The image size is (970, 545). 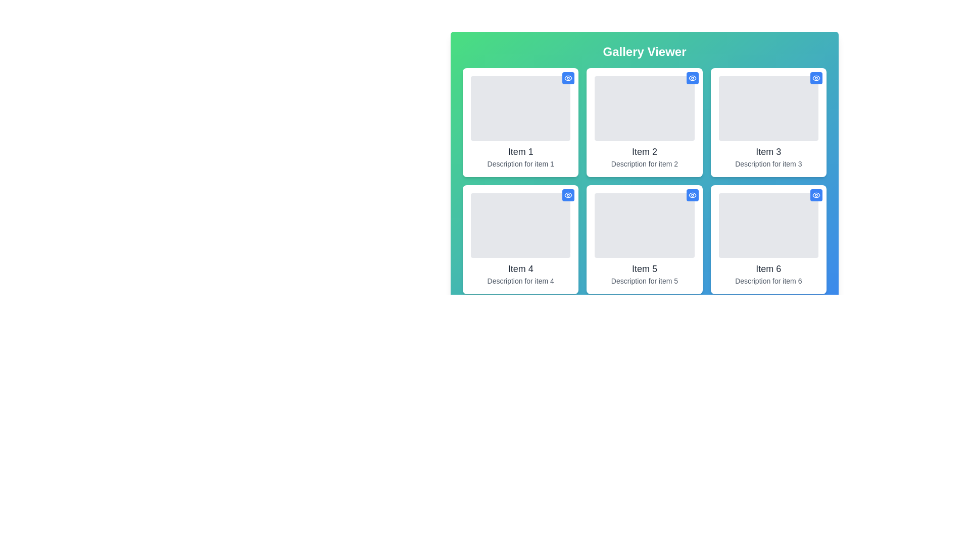 What do you see at coordinates (568, 195) in the screenshot?
I see `the eye-shaped icon located at the top-right corner of the card labeled 'Item 4' within the grid layout` at bounding box center [568, 195].